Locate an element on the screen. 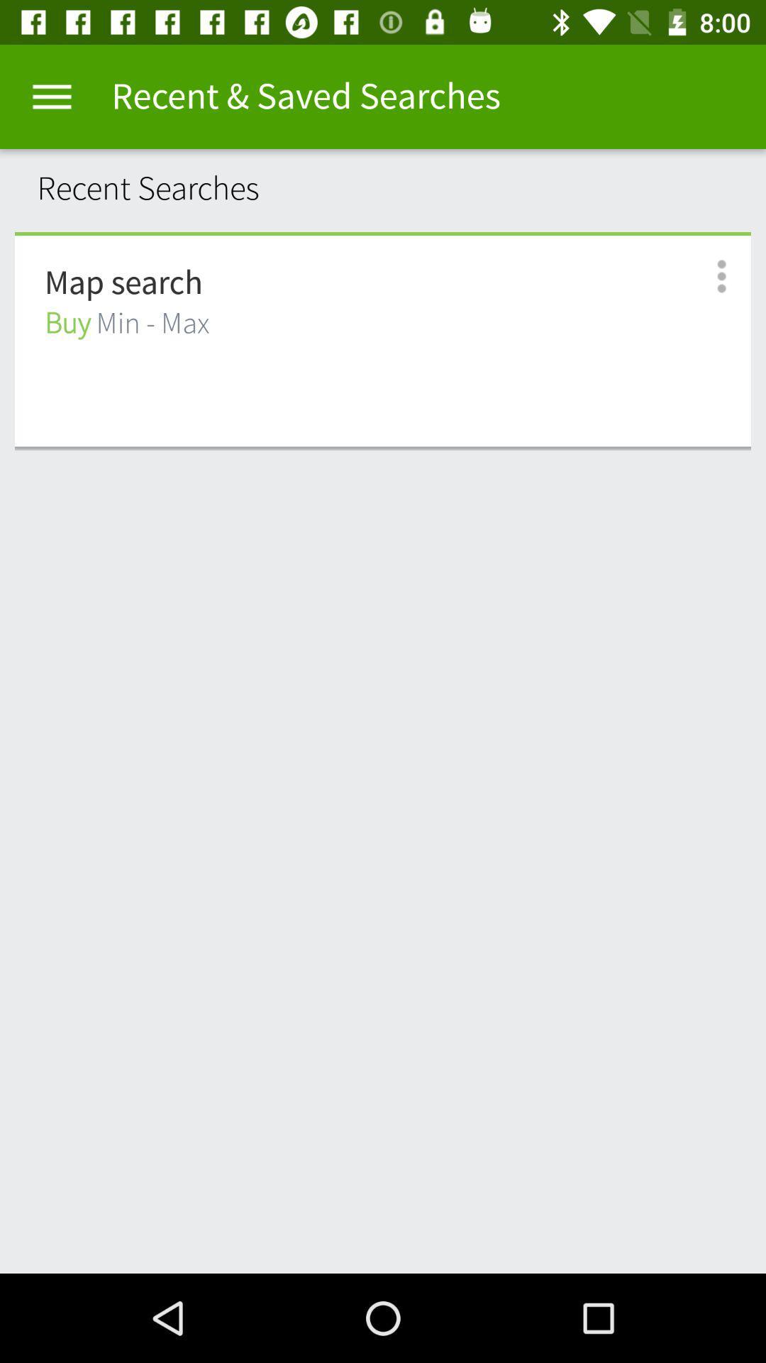  menu toggle is located at coordinates (51, 96).